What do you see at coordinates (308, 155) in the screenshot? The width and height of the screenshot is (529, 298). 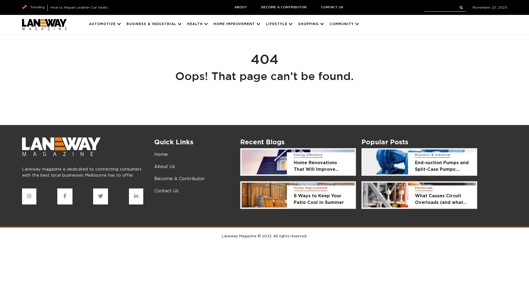 I see `'Energy Efficiency'` at bounding box center [308, 155].